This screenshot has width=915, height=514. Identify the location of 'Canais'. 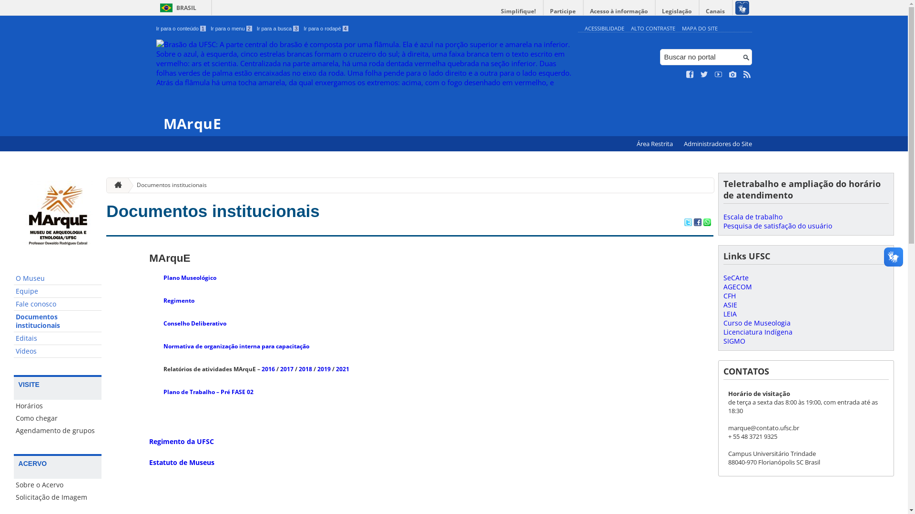
(716, 11).